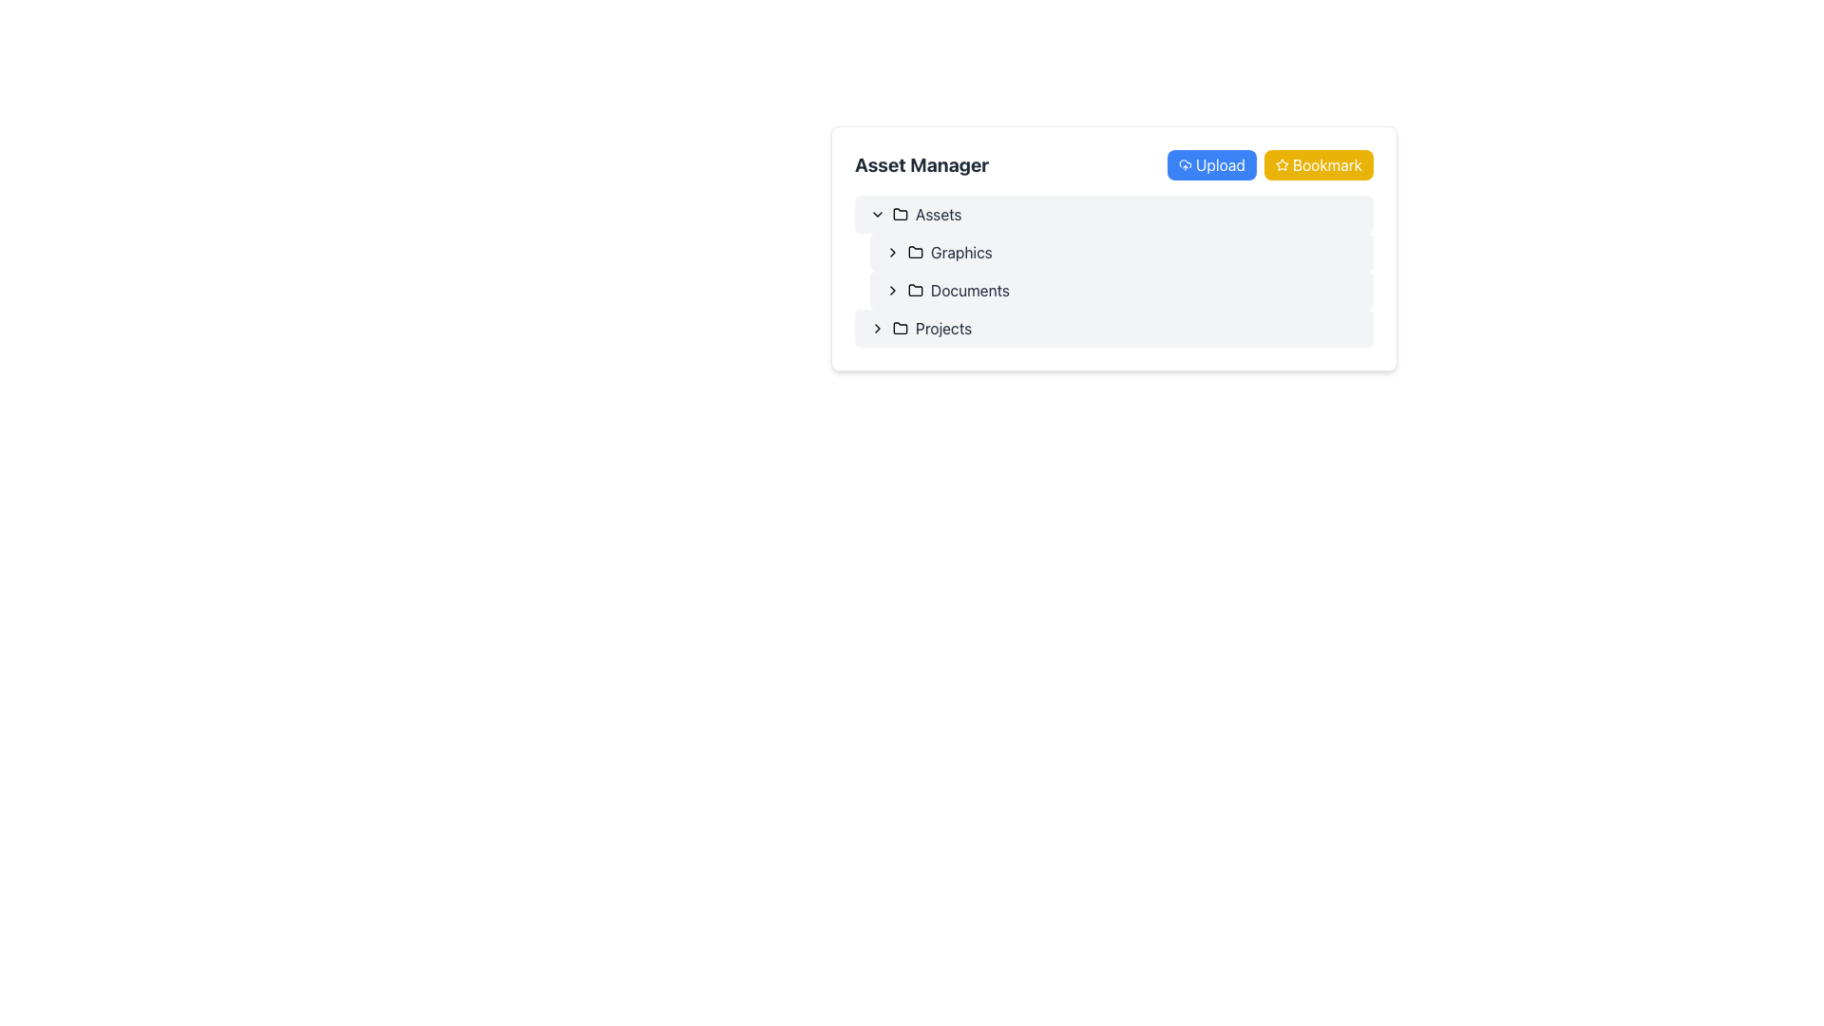  What do you see at coordinates (1270, 163) in the screenshot?
I see `the bright yellow 'Bookmark' button, which features white text and a star icon` at bounding box center [1270, 163].